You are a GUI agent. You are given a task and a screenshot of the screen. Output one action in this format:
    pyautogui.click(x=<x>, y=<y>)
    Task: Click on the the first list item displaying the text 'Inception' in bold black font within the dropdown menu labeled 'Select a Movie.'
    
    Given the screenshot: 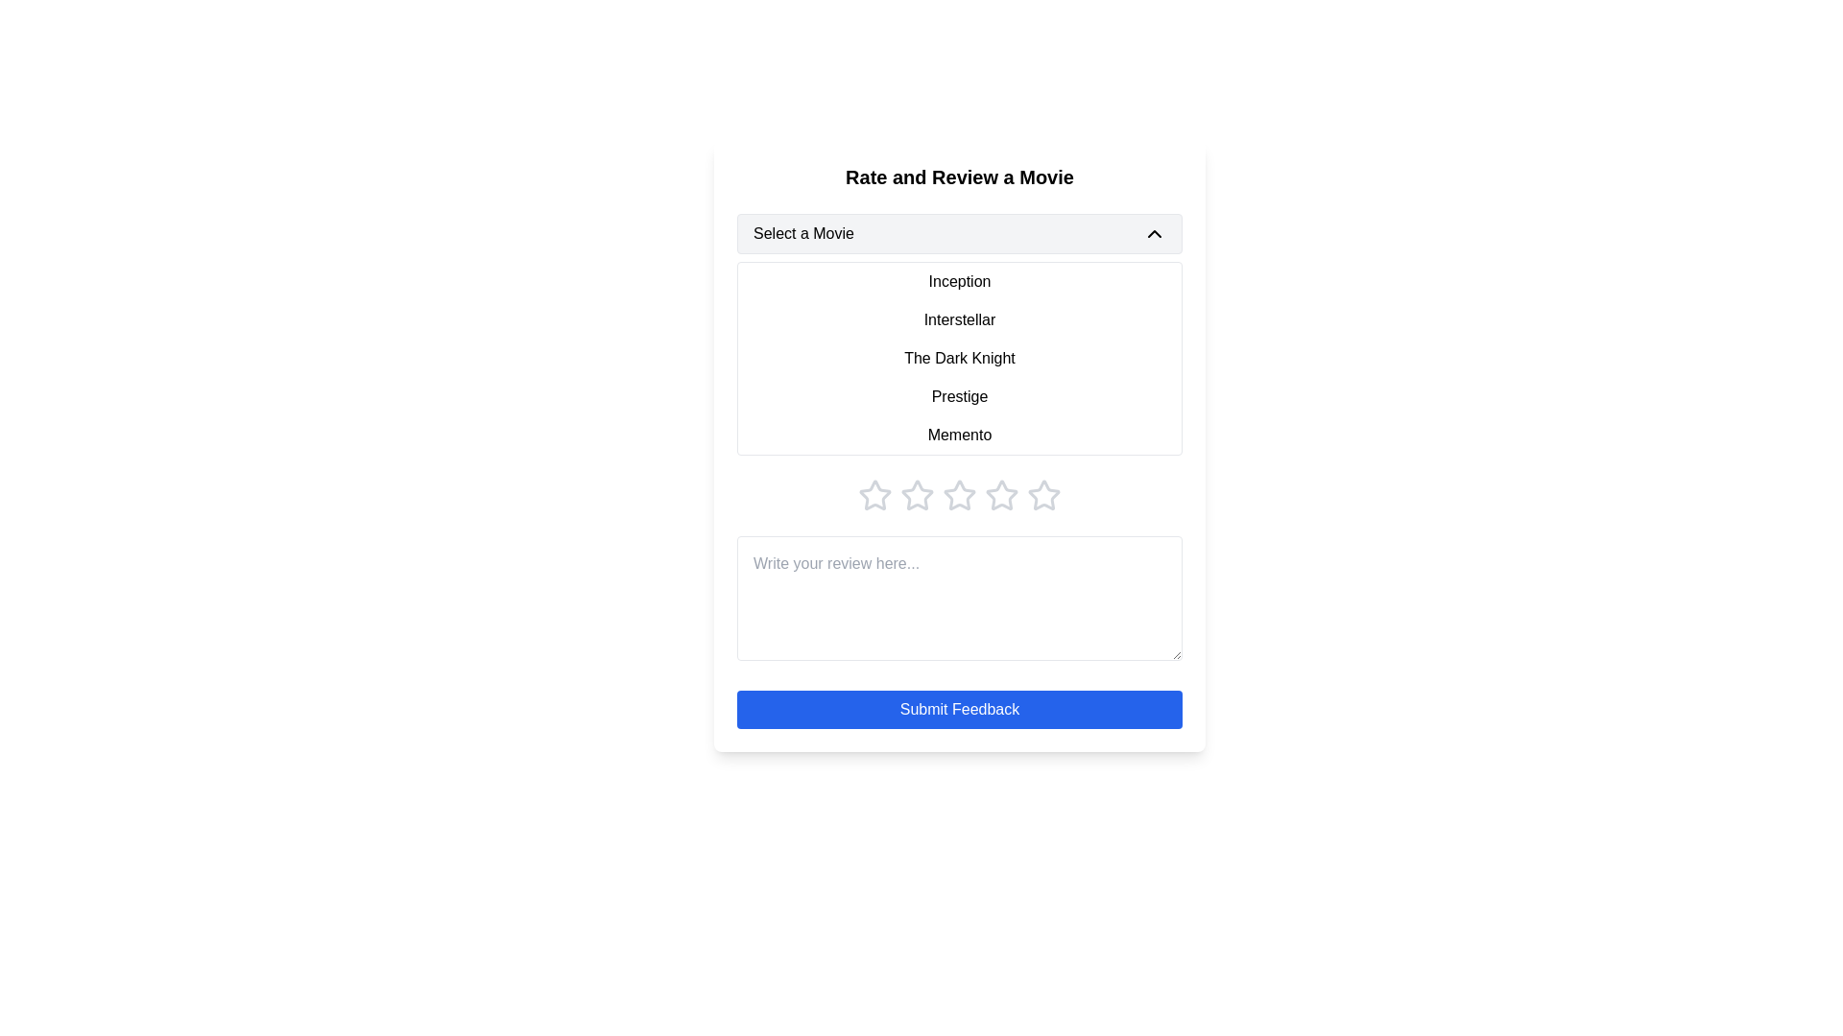 What is the action you would take?
    pyautogui.click(x=959, y=281)
    